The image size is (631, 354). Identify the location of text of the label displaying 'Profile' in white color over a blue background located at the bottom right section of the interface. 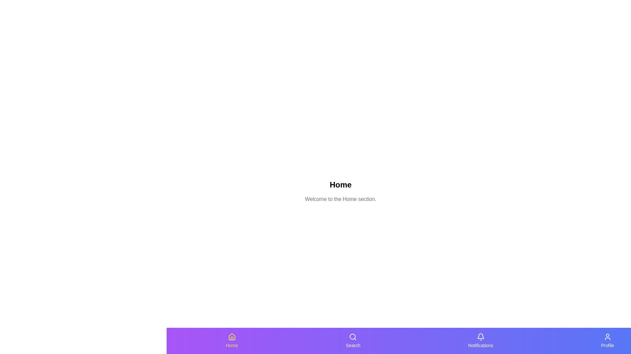
(607, 345).